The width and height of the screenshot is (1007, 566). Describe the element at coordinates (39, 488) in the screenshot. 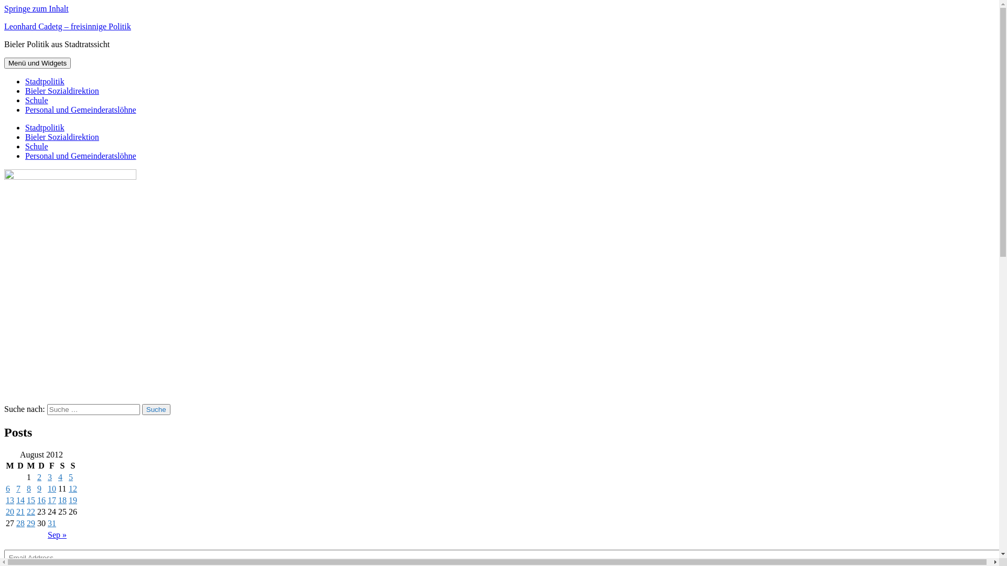

I see `'9'` at that location.